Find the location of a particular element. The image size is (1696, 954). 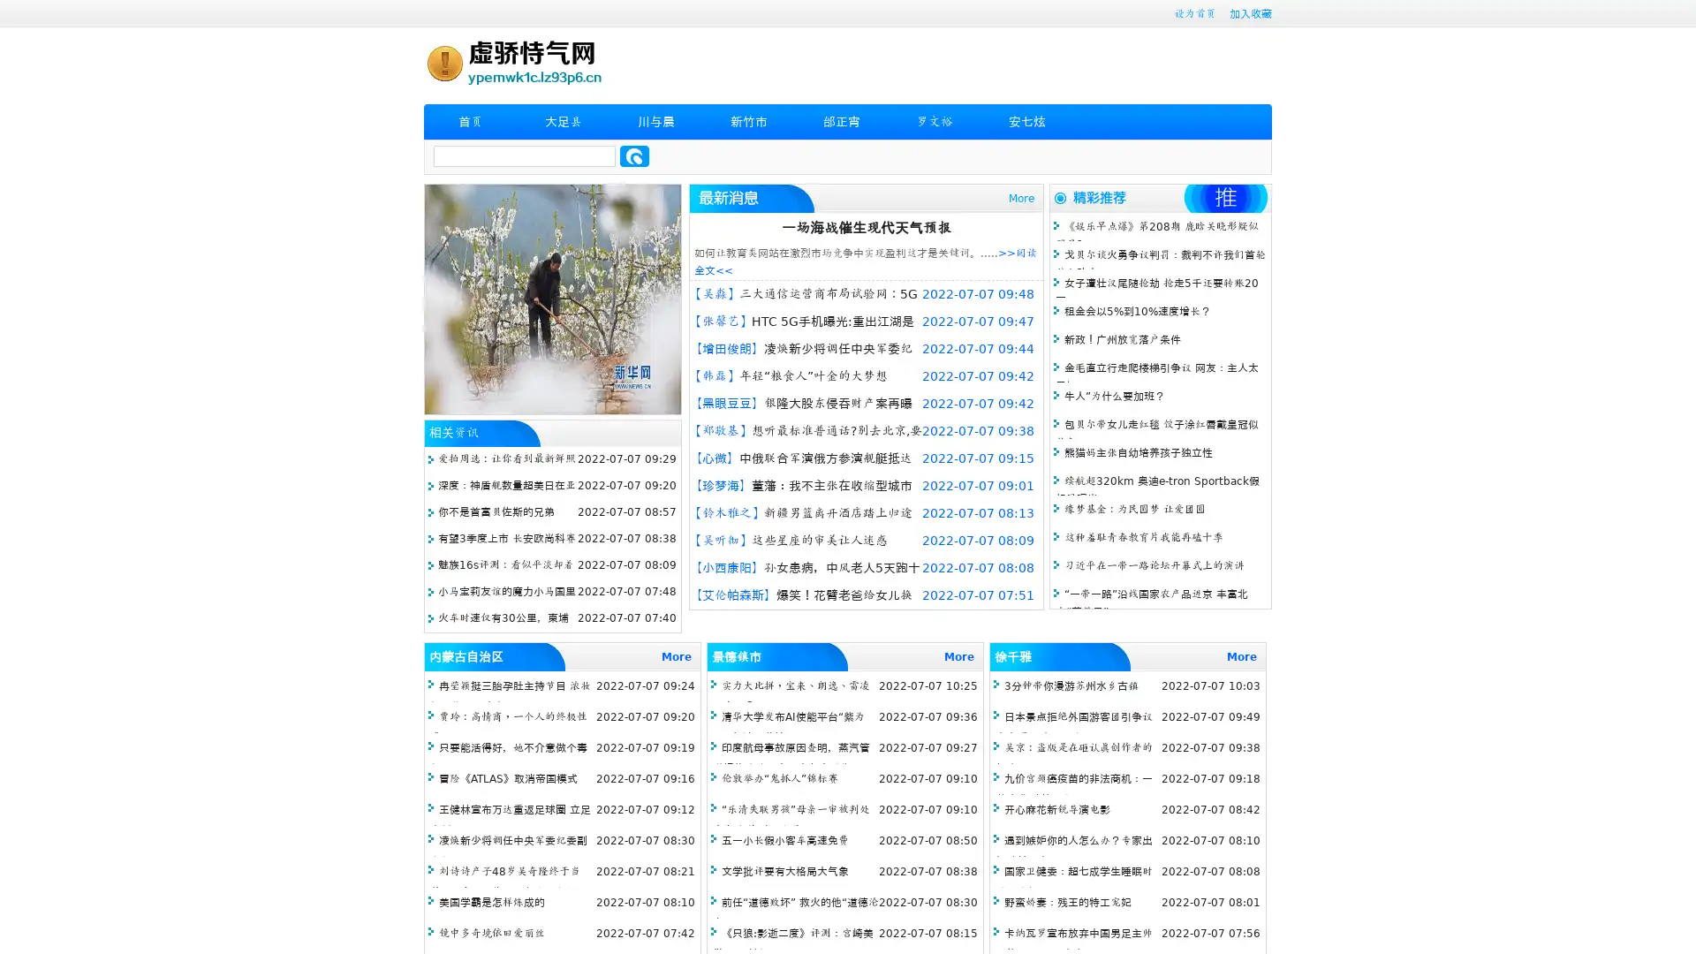

Search is located at coordinates (634, 155).